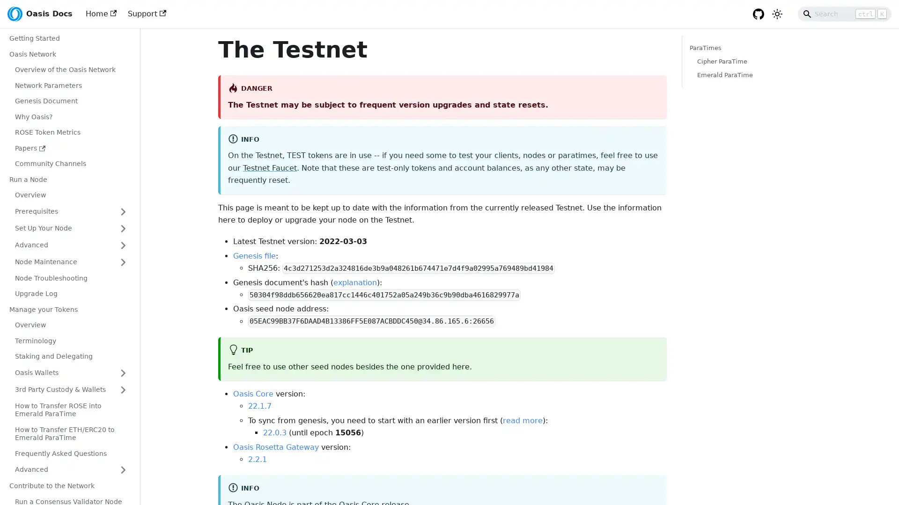 This screenshot has width=899, height=505. Describe the element at coordinates (123, 228) in the screenshot. I see `Toggle the collapsible sidebar category 'Set Up Your Node'` at that location.